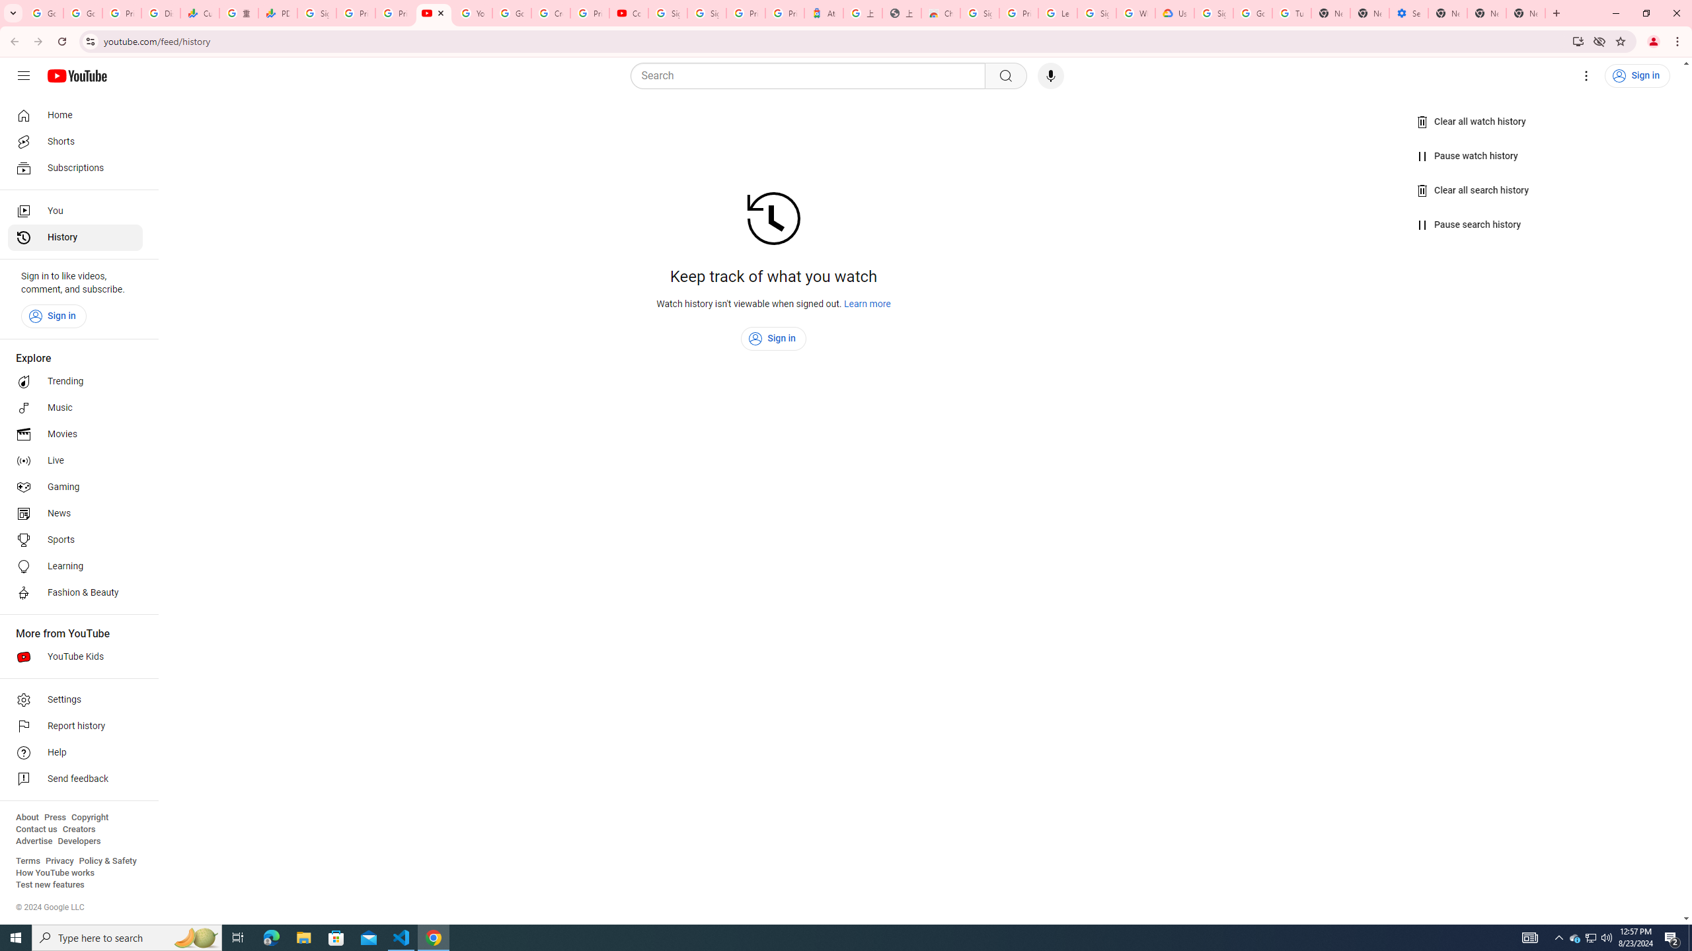  What do you see at coordinates (75, 407) in the screenshot?
I see `'Music'` at bounding box center [75, 407].